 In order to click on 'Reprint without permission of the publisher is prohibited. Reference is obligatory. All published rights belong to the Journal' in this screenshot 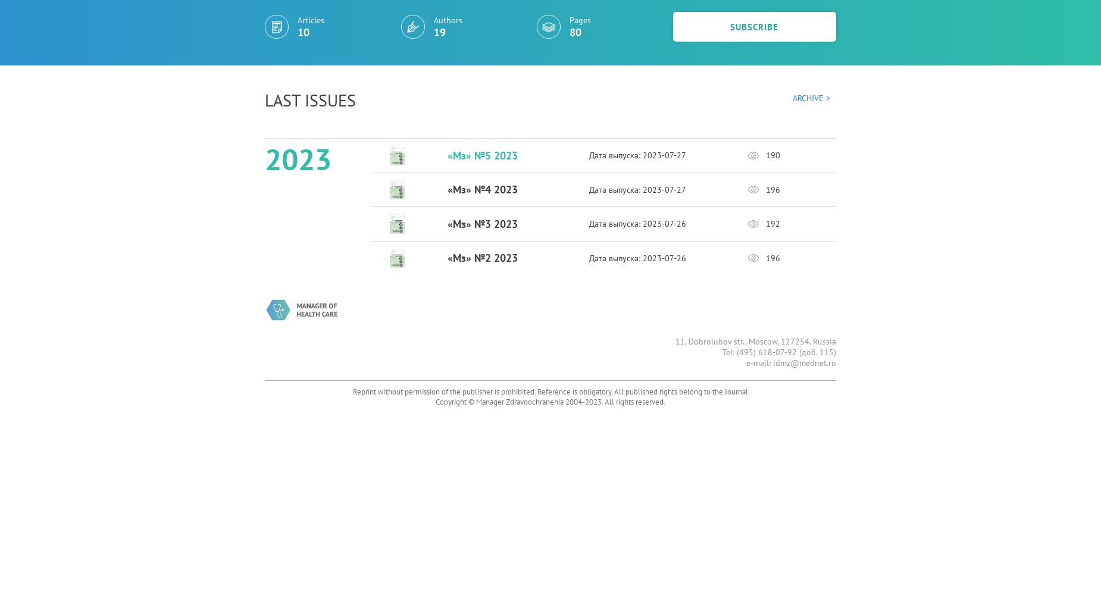, I will do `click(550, 392)`.